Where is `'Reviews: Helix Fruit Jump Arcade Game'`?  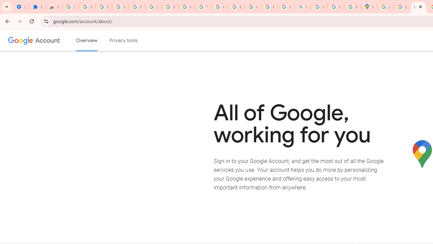 'Reviews: Helix Fruit Jump Arcade Game' is located at coordinates (53, 7).